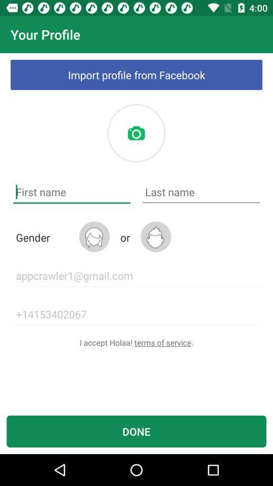  Describe the element at coordinates (136, 314) in the screenshot. I see `icon above the i accept holaa icon` at that location.